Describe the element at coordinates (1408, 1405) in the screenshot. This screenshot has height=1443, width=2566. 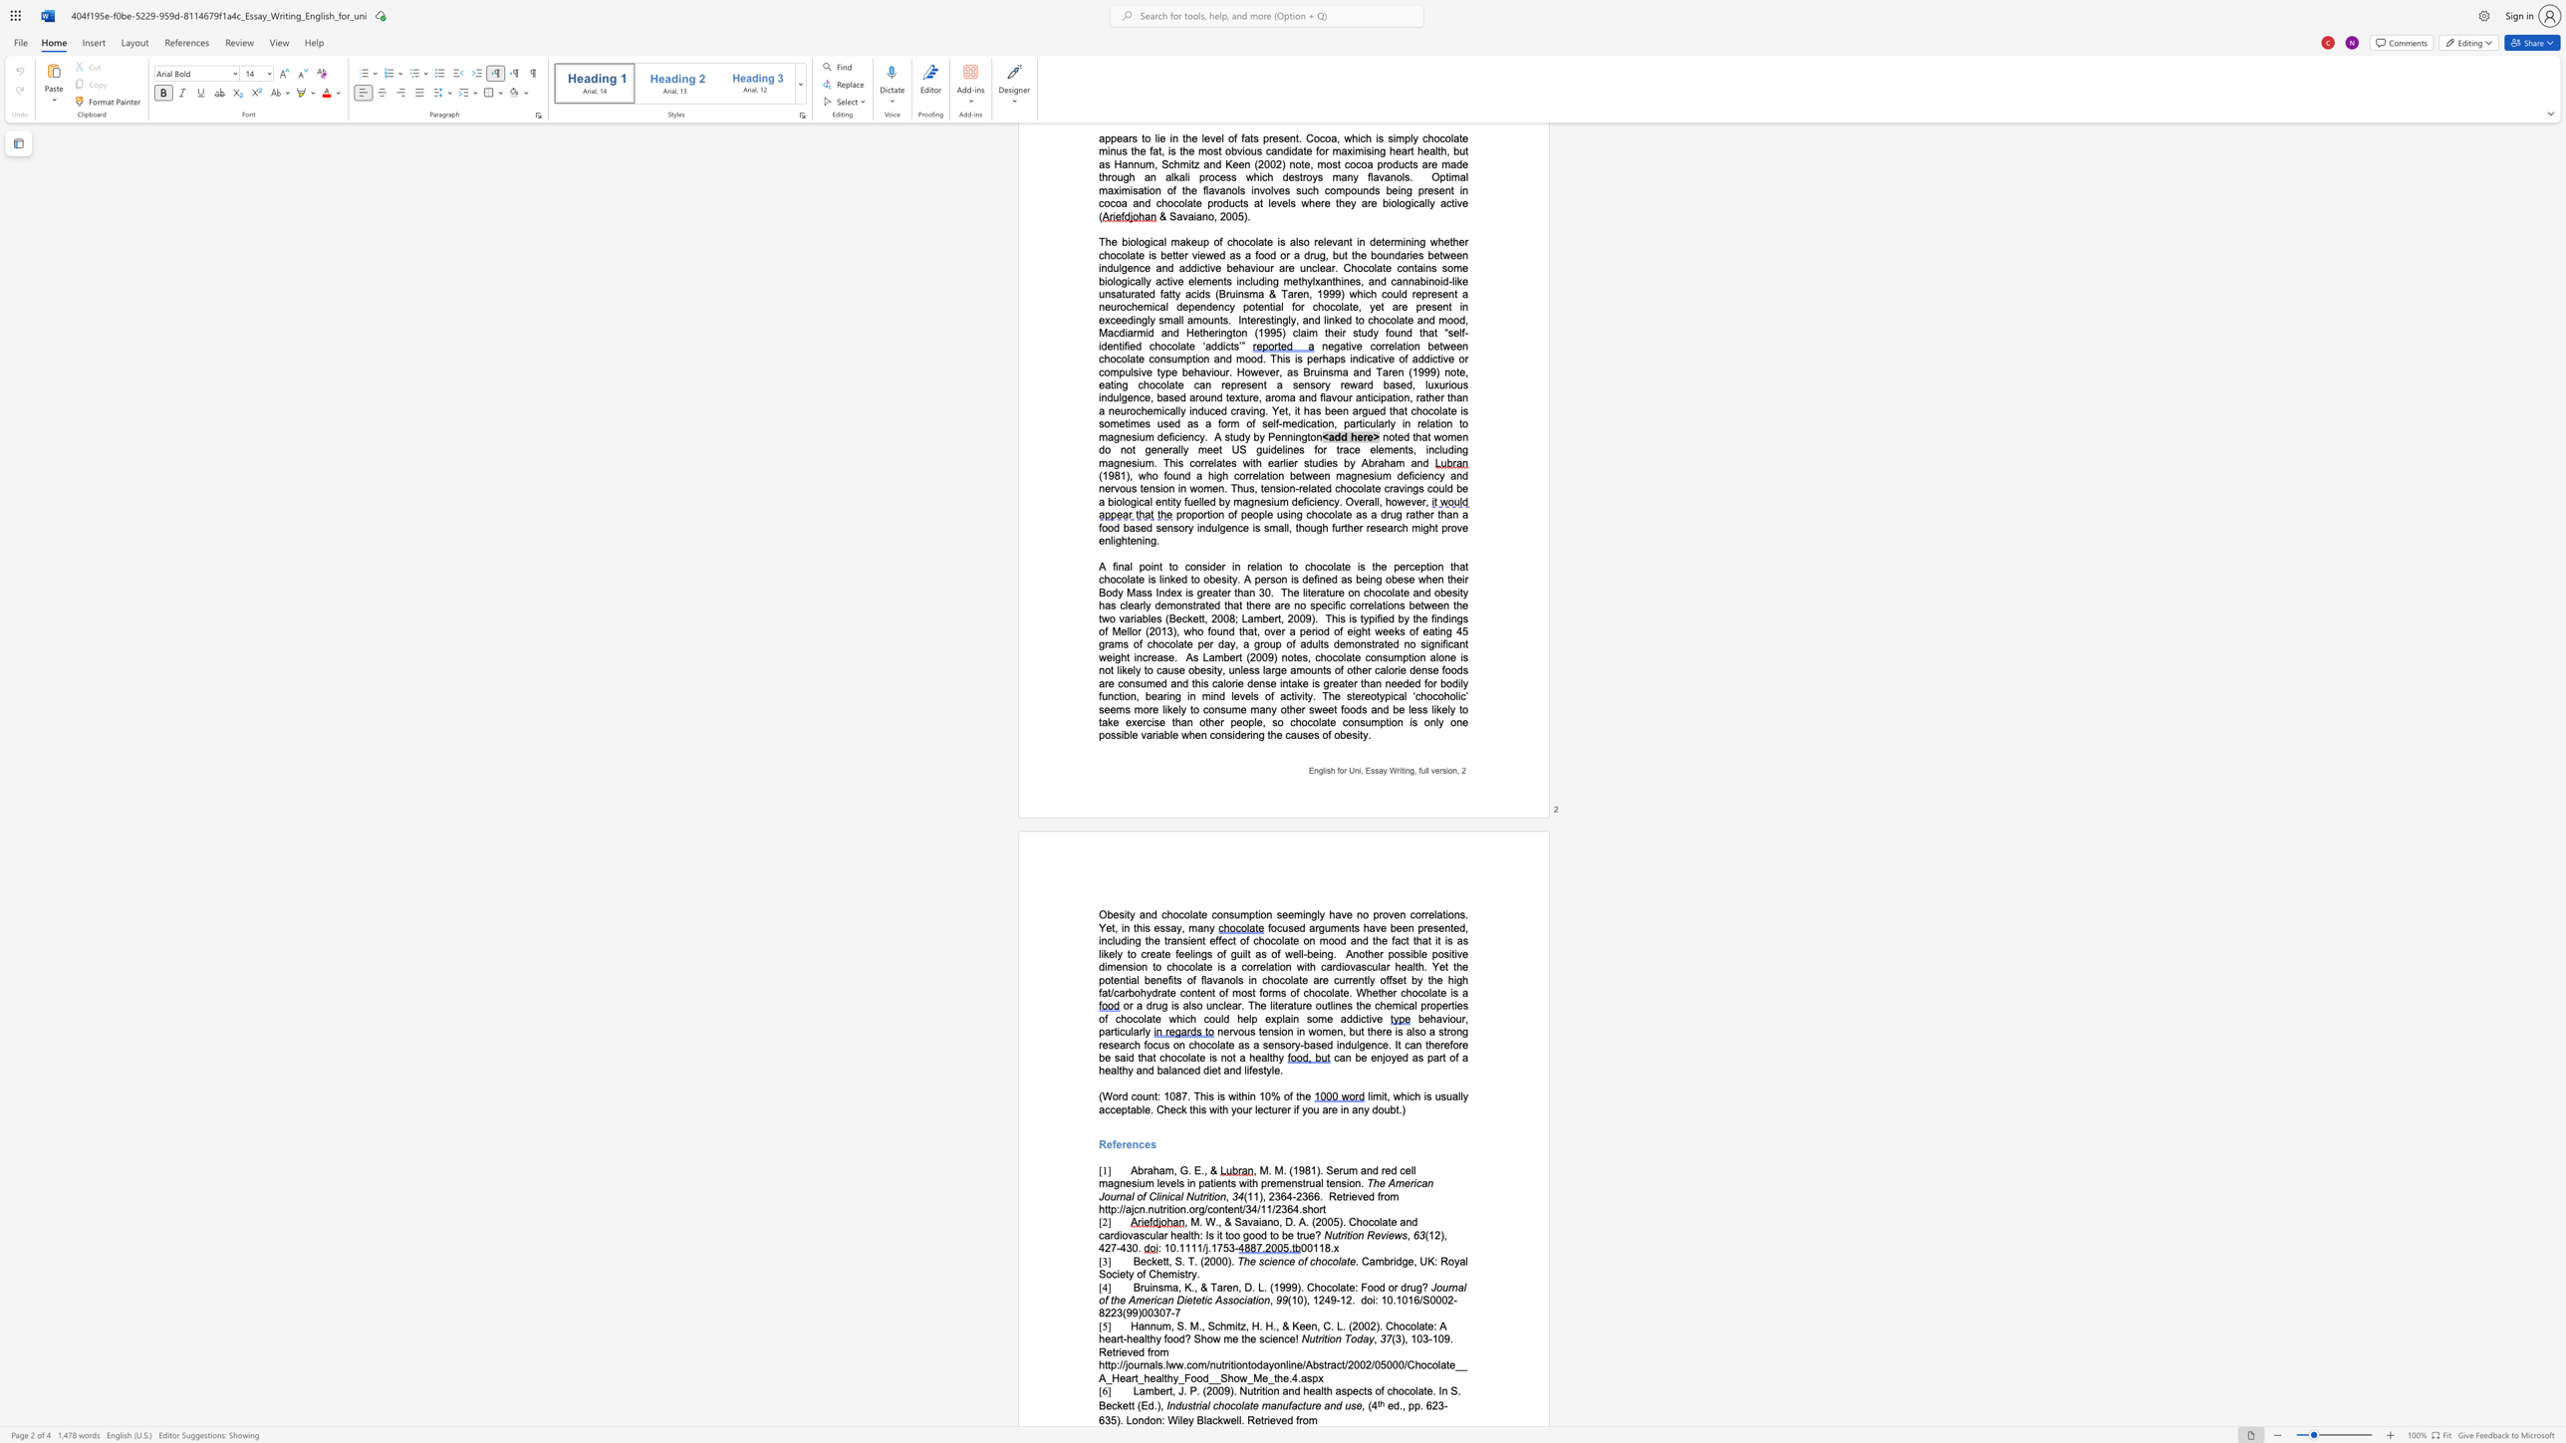
I see `the subset text "pp. 623-635). Lon" within the text "ed., pp. 623-635). London: Wiley Blackwell. Retrieved from"` at that location.